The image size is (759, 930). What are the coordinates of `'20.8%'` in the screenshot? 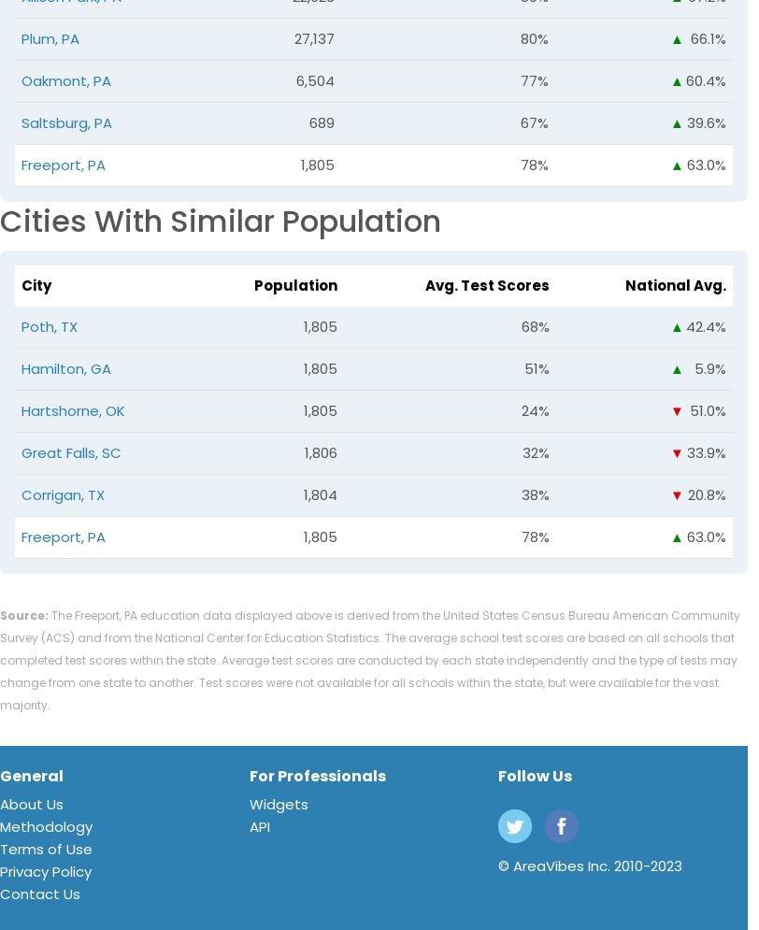 It's located at (707, 494).